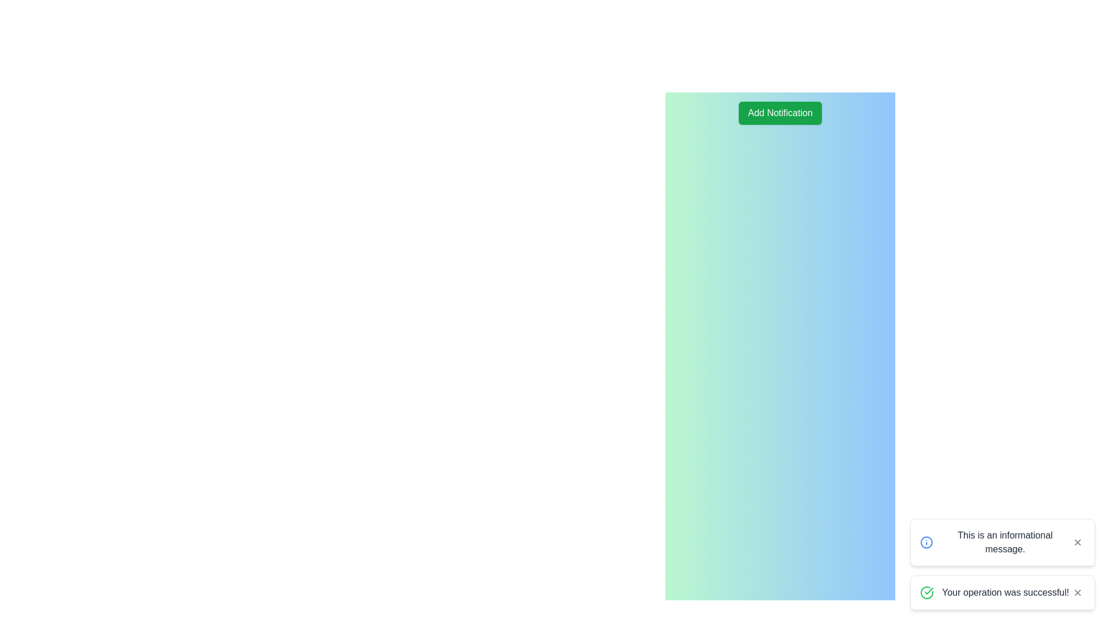 This screenshot has height=624, width=1109. Describe the element at coordinates (926, 593) in the screenshot. I see `the green checkmark icon within a circle outline, which indicates a successful operation, located to the left of the success message 'Your operation was successful!'` at that location.